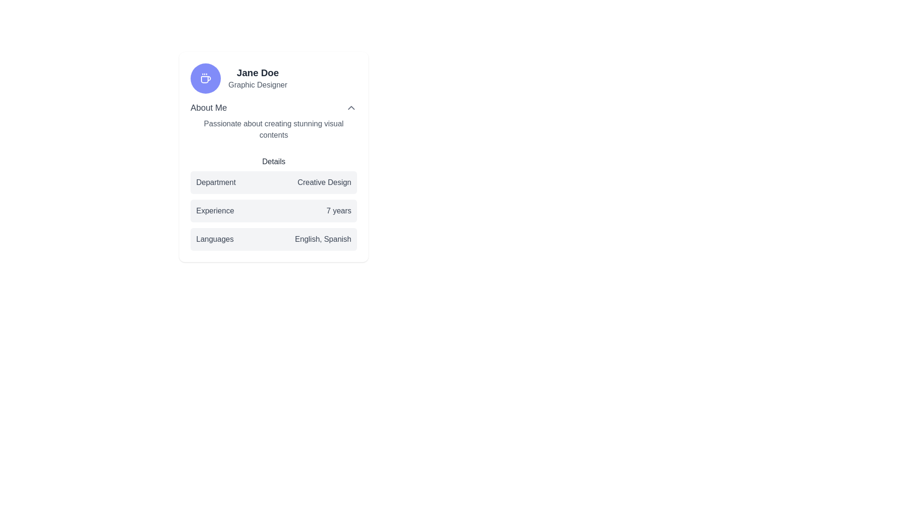  Describe the element at coordinates (258, 72) in the screenshot. I see `a screenreader` at that location.